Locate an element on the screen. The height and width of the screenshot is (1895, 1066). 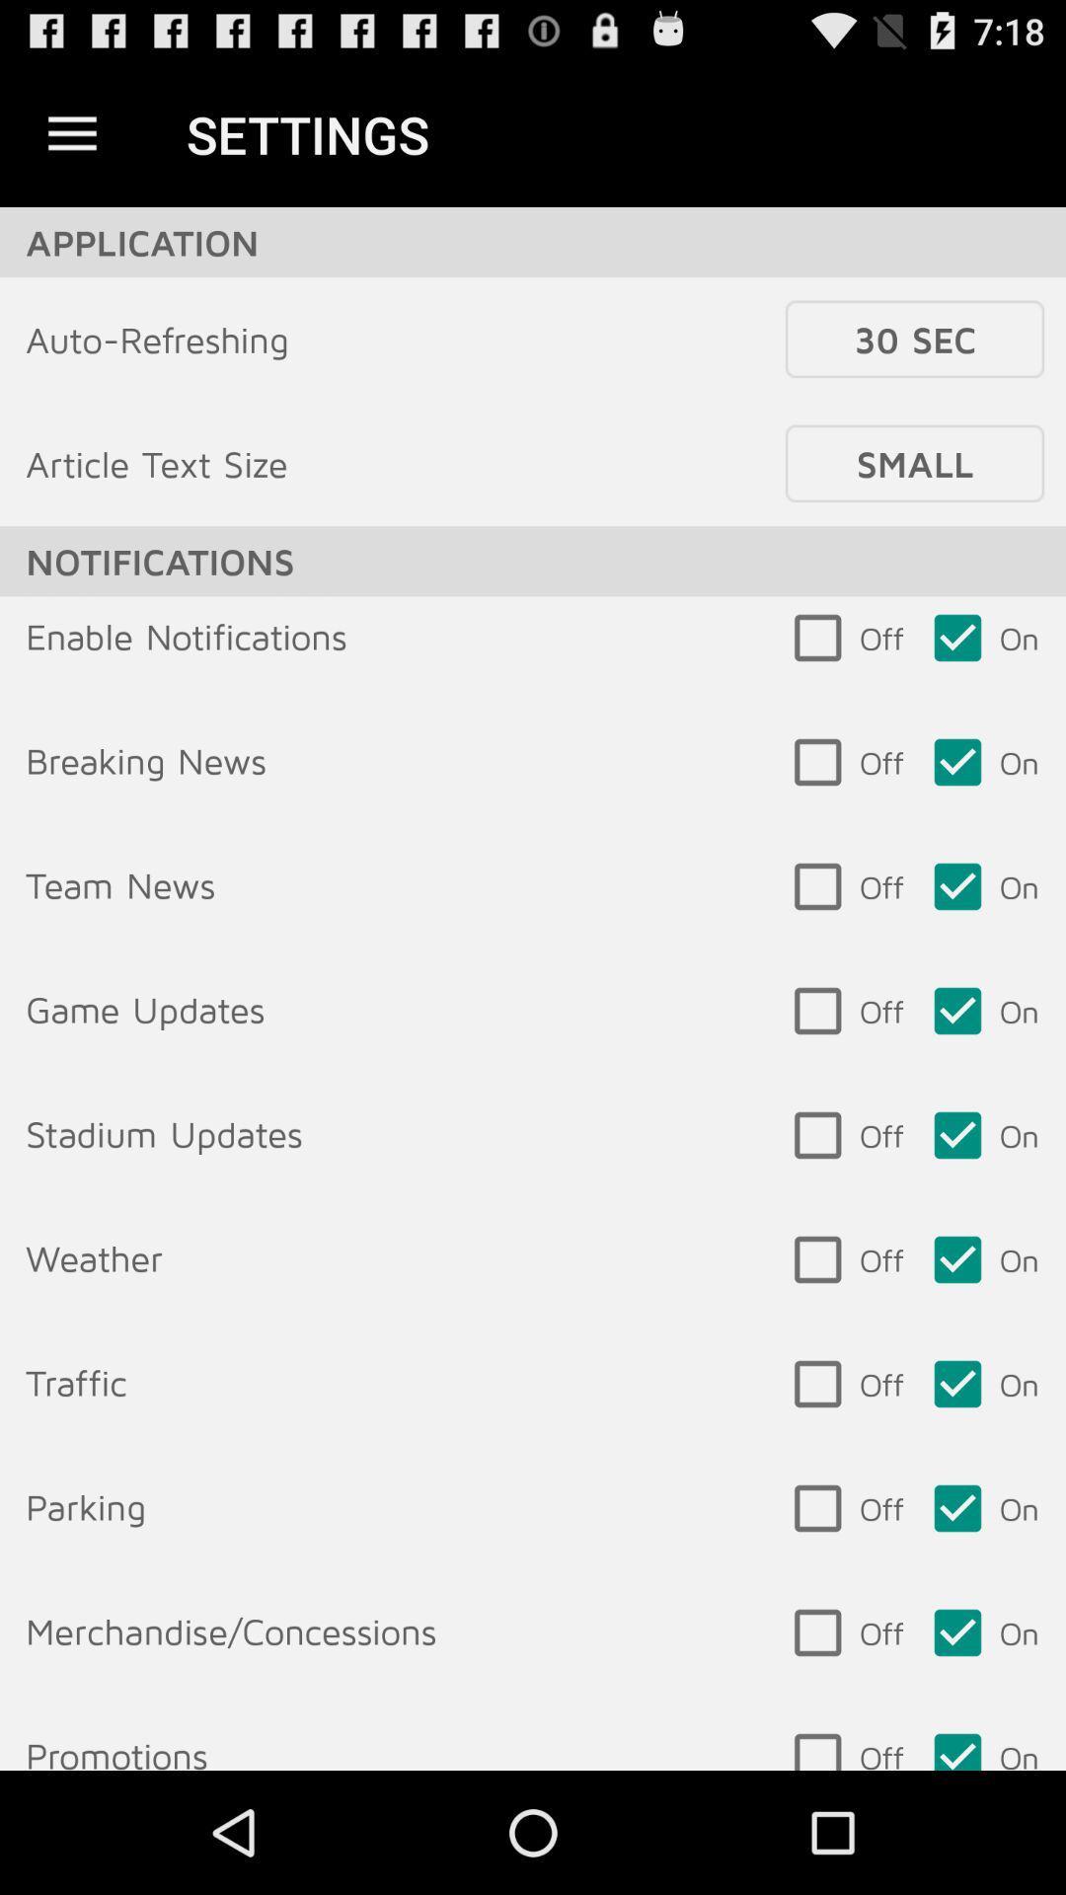
item above the application item is located at coordinates (71, 133).